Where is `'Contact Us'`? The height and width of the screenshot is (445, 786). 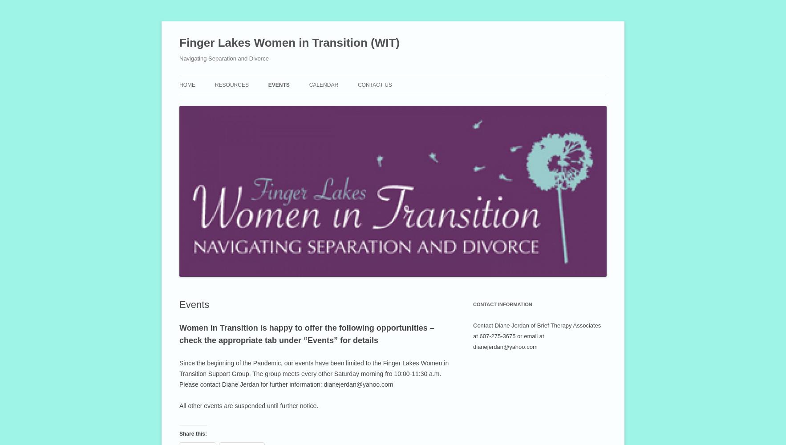 'Contact Us' is located at coordinates (357, 85).